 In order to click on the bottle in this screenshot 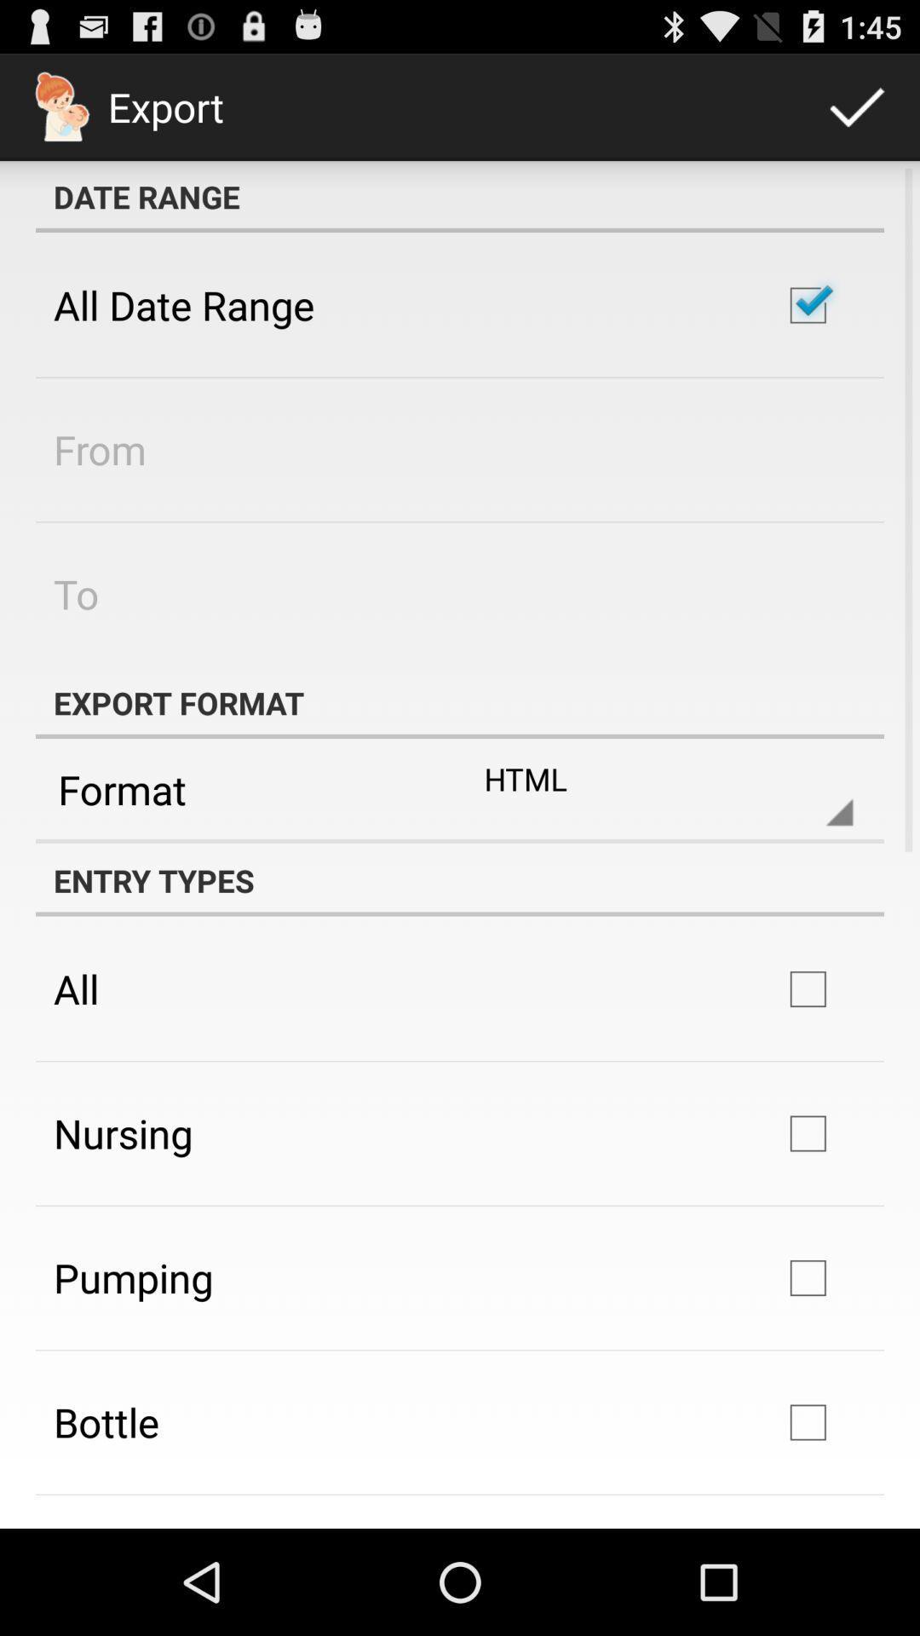, I will do `click(106, 1422)`.